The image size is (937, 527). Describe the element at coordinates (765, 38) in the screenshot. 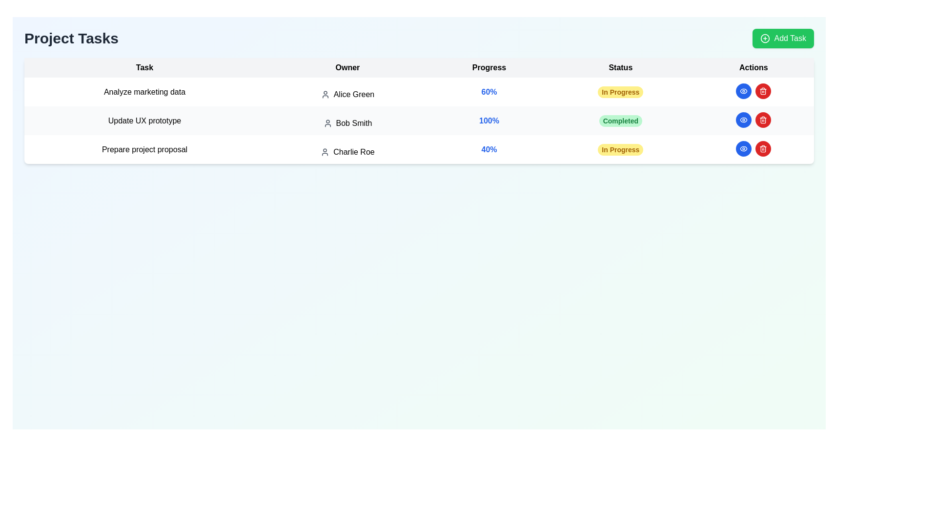

I see `the icon that visually conveys the purpose of the 'Add Task' button, located in the top-right corner of the layout` at that location.